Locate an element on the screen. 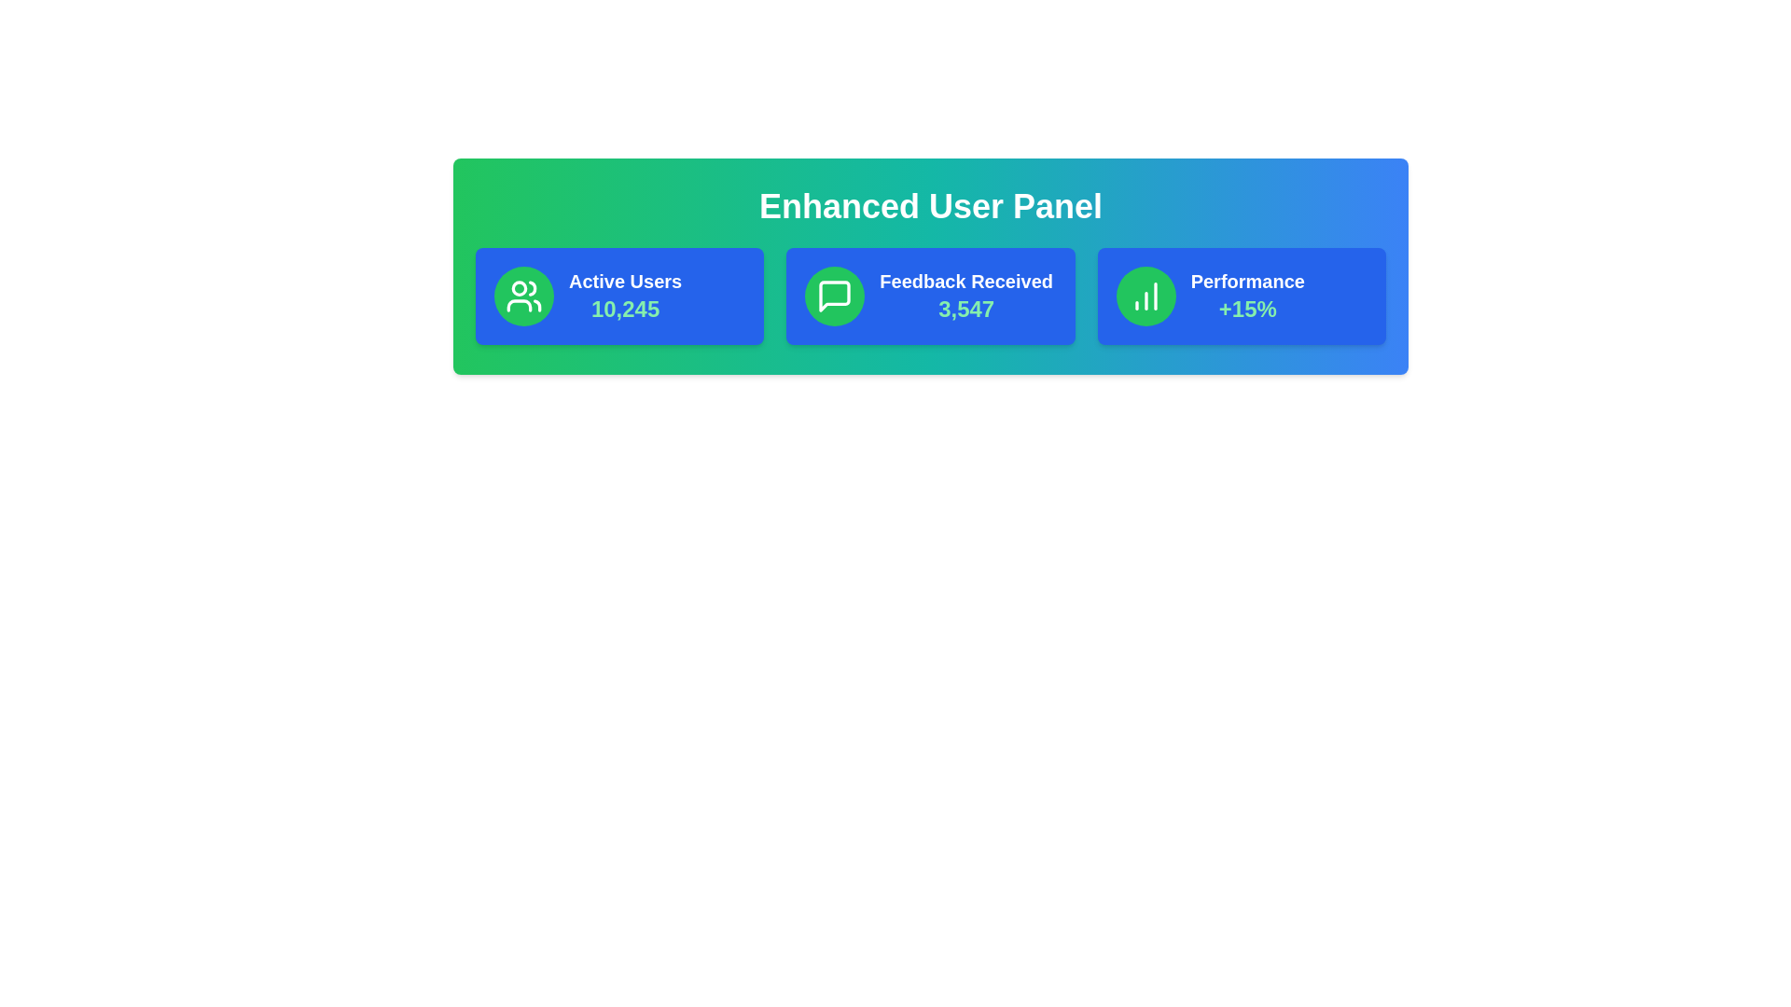  the card representing Feedback Received is located at coordinates (931, 295).